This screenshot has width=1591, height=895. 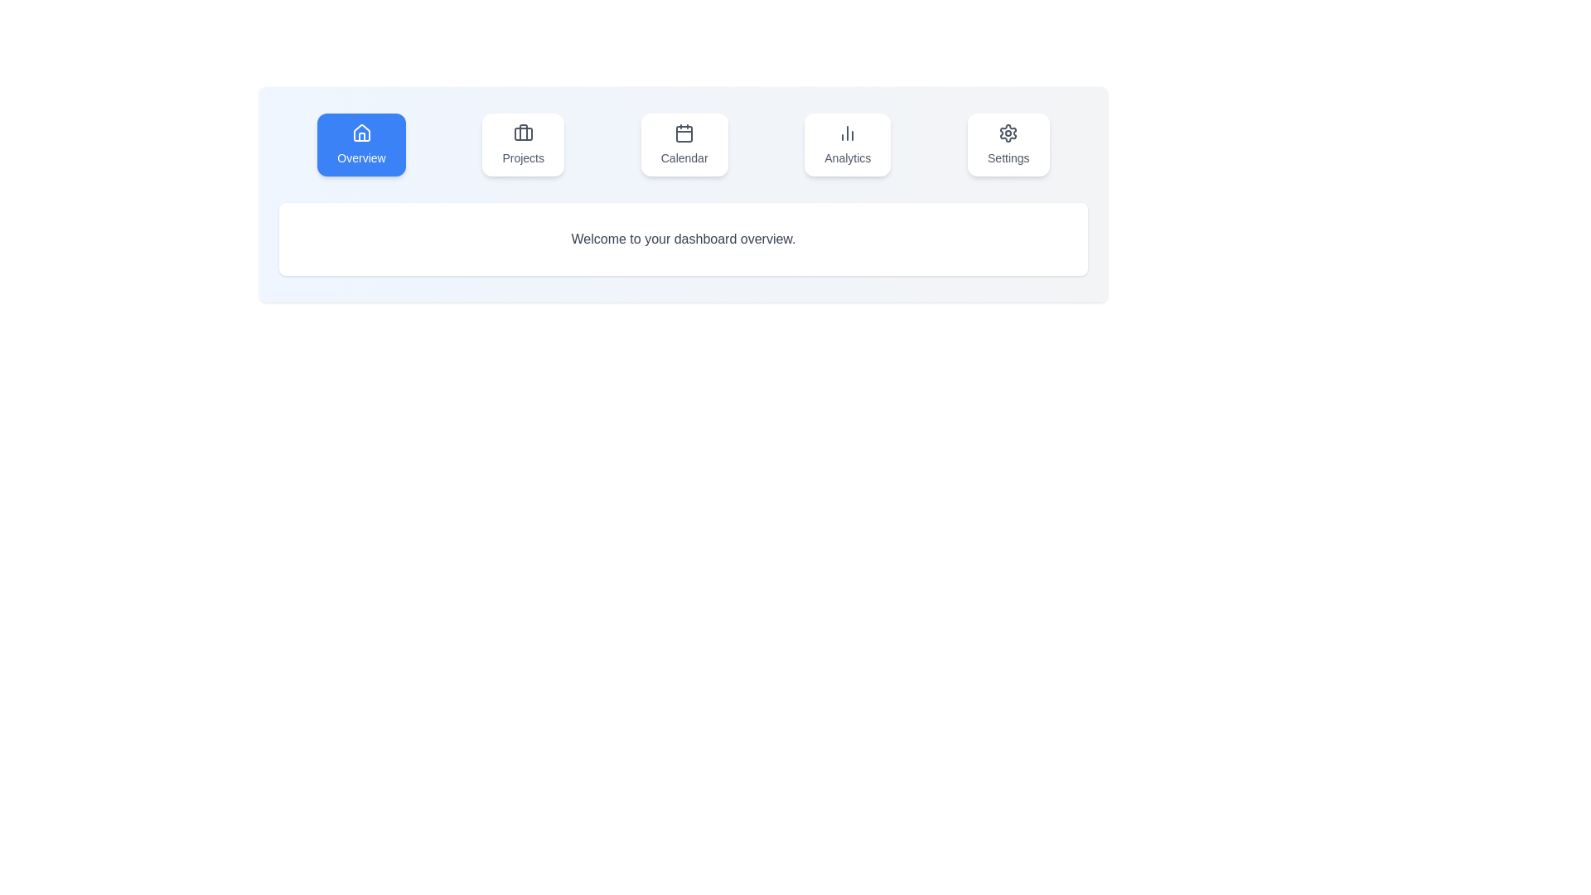 I want to click on the calendar icon, which is part of a raised rectangular button labeled 'Calendar', positioned between the 'Projects' and 'Analytics' buttons, so click(x=684, y=133).